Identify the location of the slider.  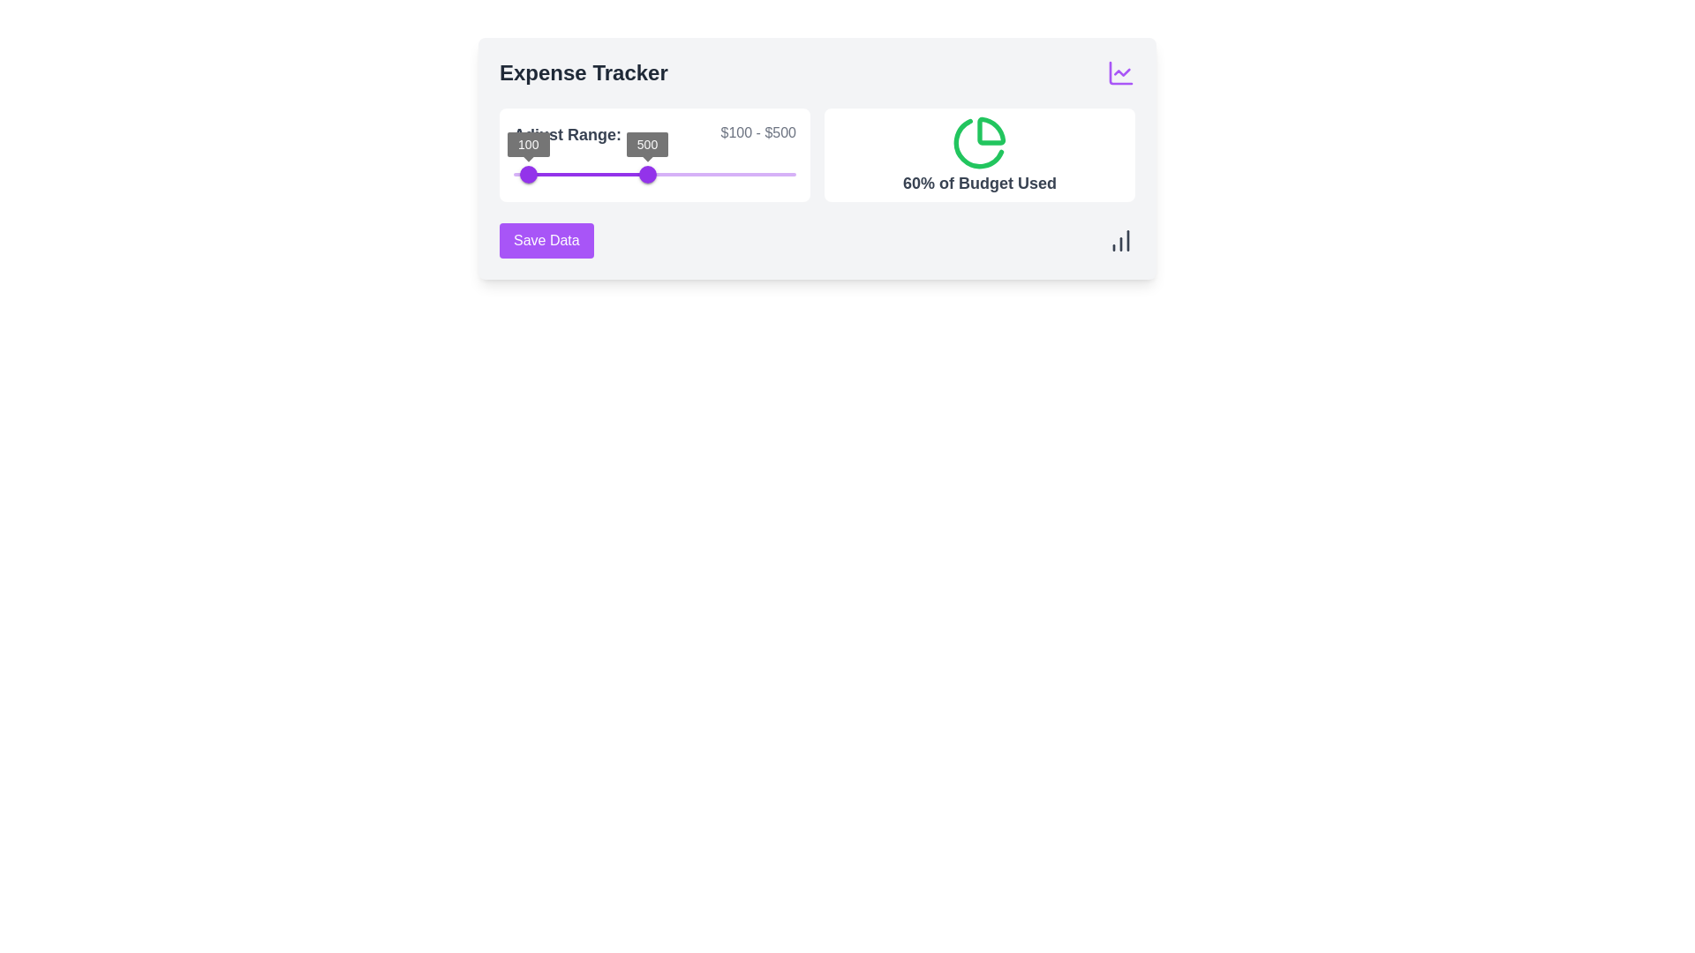
(670, 174).